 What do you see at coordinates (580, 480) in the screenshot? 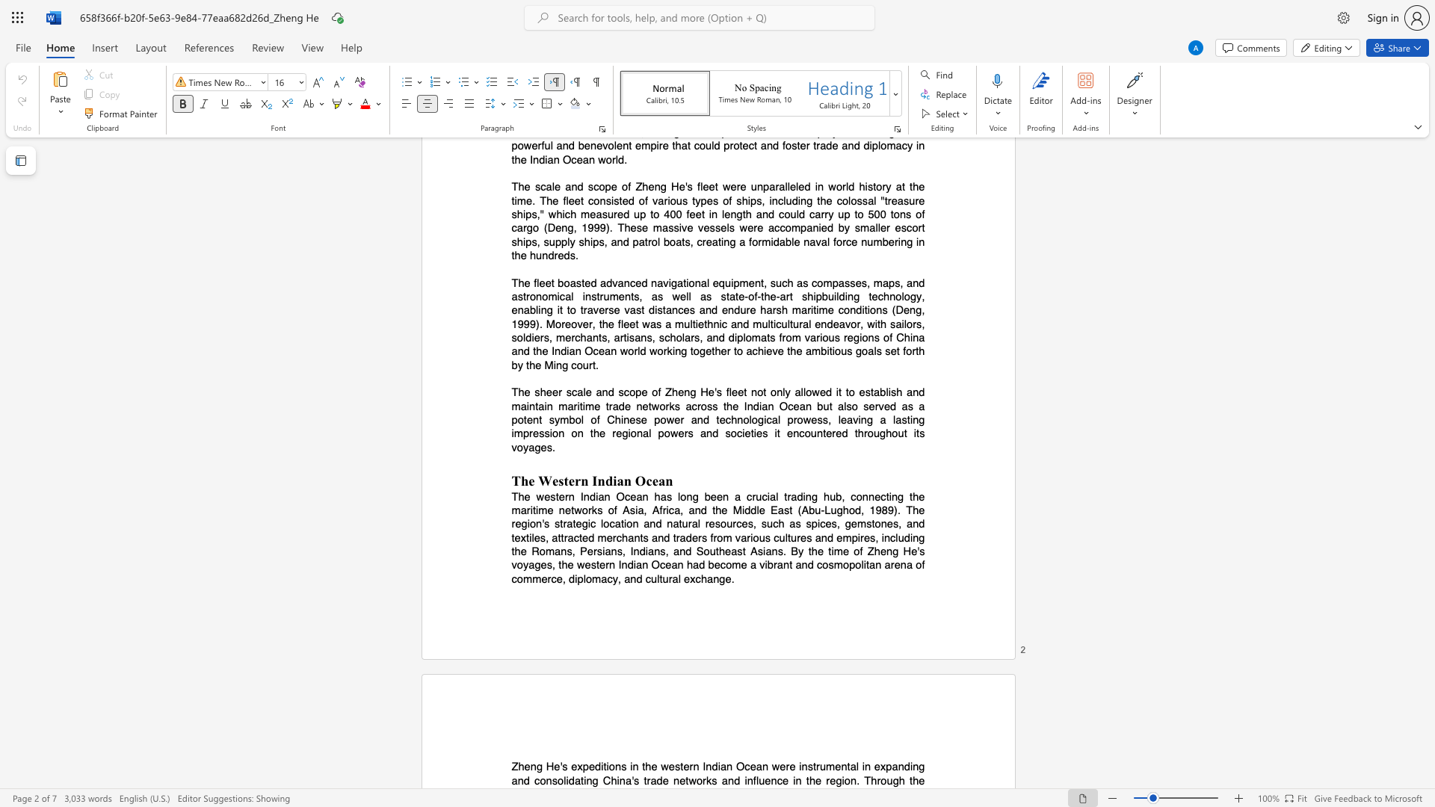
I see `the subset text "n Indi" within the text "The Western Indian Ocean"` at bounding box center [580, 480].